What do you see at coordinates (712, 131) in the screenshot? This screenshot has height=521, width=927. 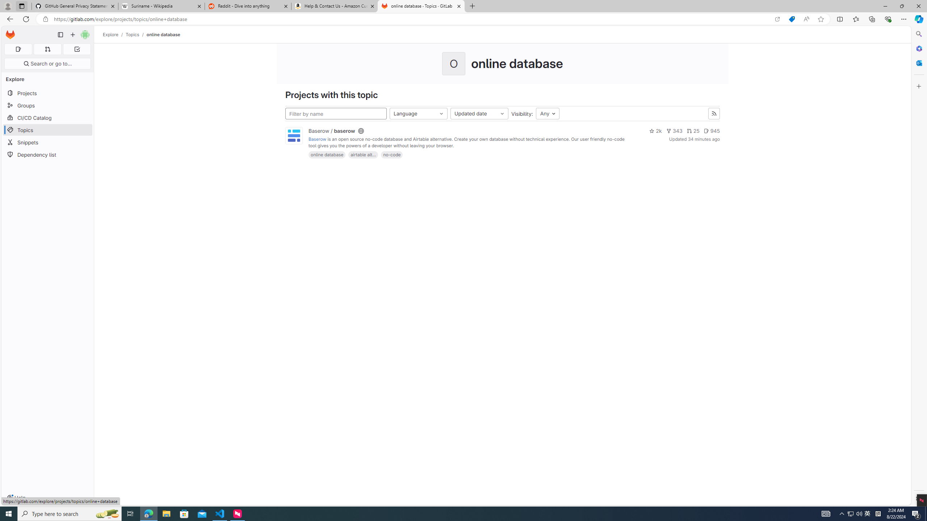 I see `'945'` at bounding box center [712, 131].